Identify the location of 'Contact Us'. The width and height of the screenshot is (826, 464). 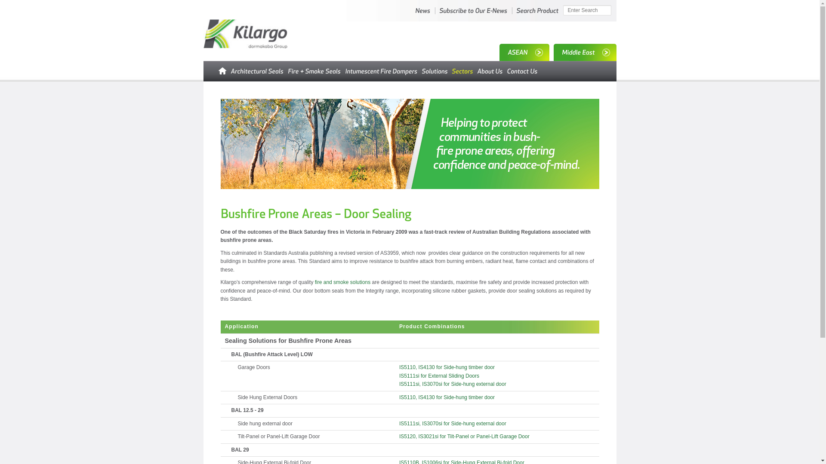
(522, 70).